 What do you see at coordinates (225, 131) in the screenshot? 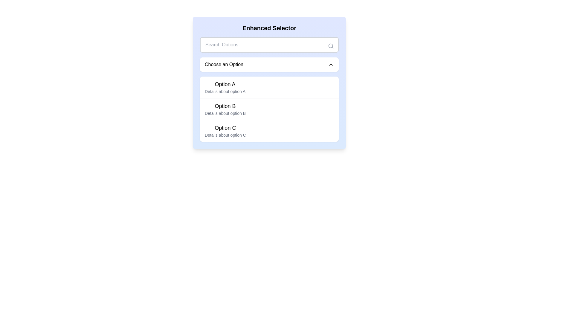
I see `the menu item labeled 'Option C'` at bounding box center [225, 131].